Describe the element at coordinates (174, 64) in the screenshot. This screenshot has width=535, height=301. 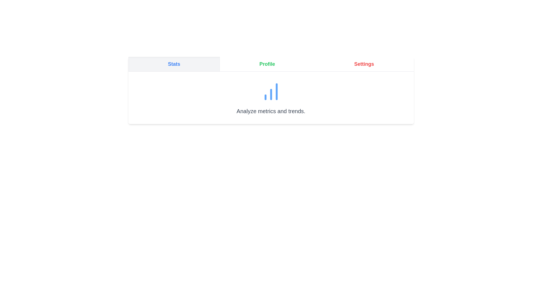
I see `the 'Stats' button, which is the first button in a row that also contains 'Profile' and 'Settings' buttons` at that location.